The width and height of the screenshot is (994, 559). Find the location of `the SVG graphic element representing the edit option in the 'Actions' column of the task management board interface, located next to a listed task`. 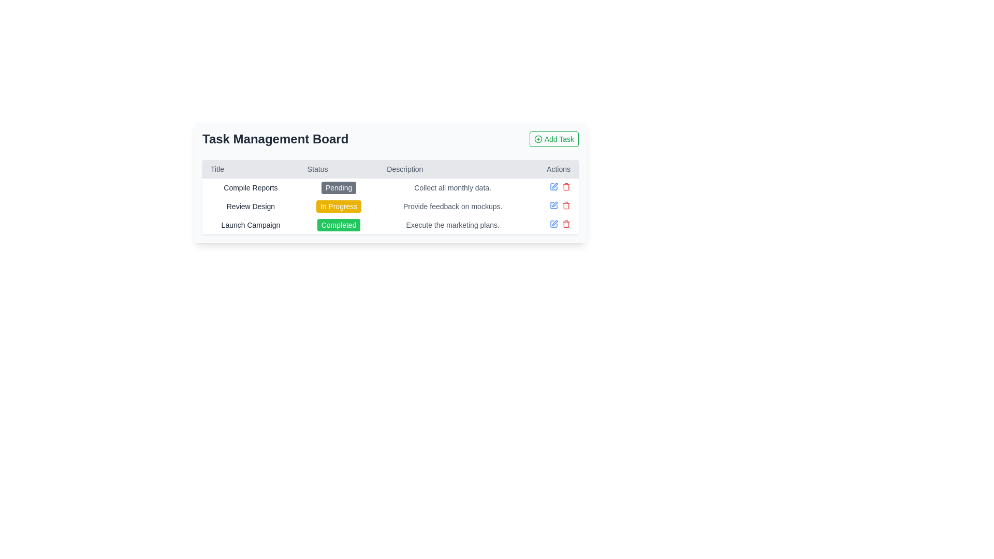

the SVG graphic element representing the edit option in the 'Actions' column of the task management board interface, located next to a listed task is located at coordinates (553, 205).